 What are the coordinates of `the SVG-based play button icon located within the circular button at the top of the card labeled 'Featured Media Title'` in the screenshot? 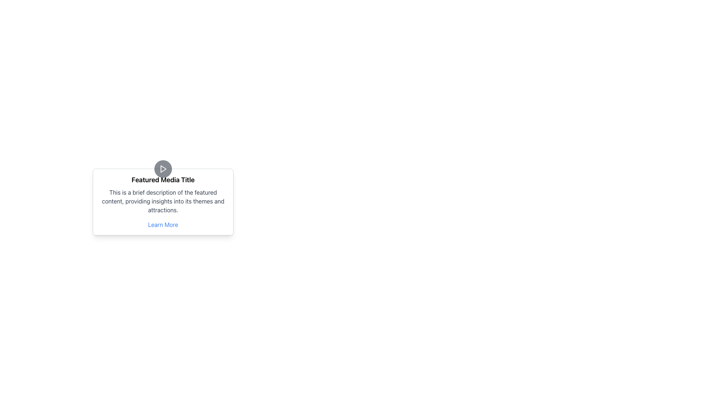 It's located at (163, 169).